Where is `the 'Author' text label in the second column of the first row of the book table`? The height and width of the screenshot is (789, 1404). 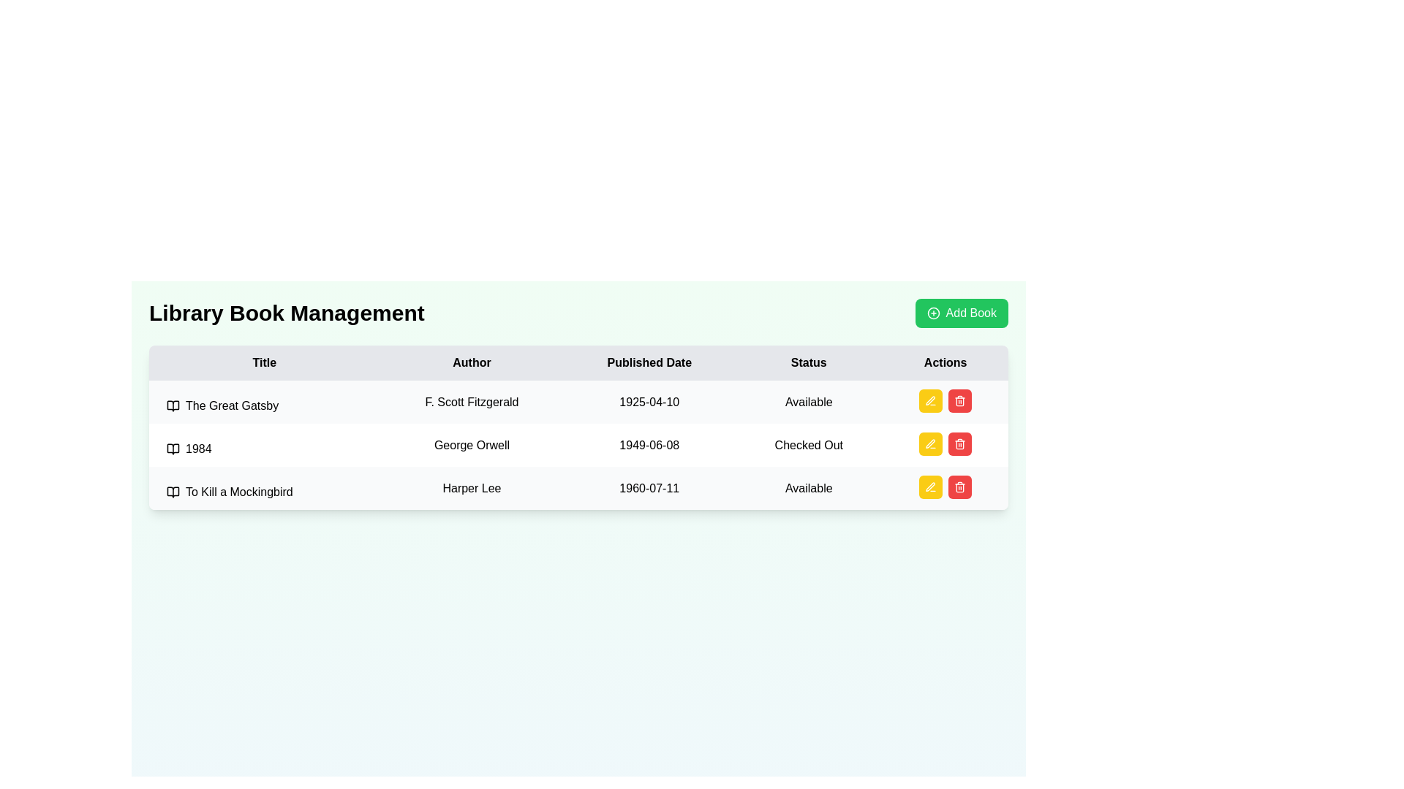
the 'Author' text label in the second column of the first row of the book table is located at coordinates (472, 402).